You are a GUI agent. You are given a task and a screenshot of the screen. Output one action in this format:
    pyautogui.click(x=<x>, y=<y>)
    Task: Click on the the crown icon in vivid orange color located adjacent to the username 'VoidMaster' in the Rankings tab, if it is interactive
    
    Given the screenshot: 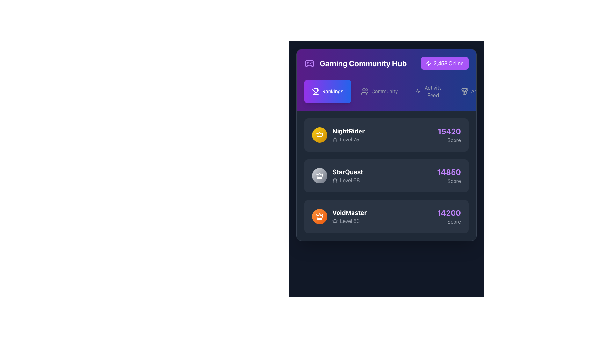 What is the action you would take?
    pyautogui.click(x=320, y=175)
    